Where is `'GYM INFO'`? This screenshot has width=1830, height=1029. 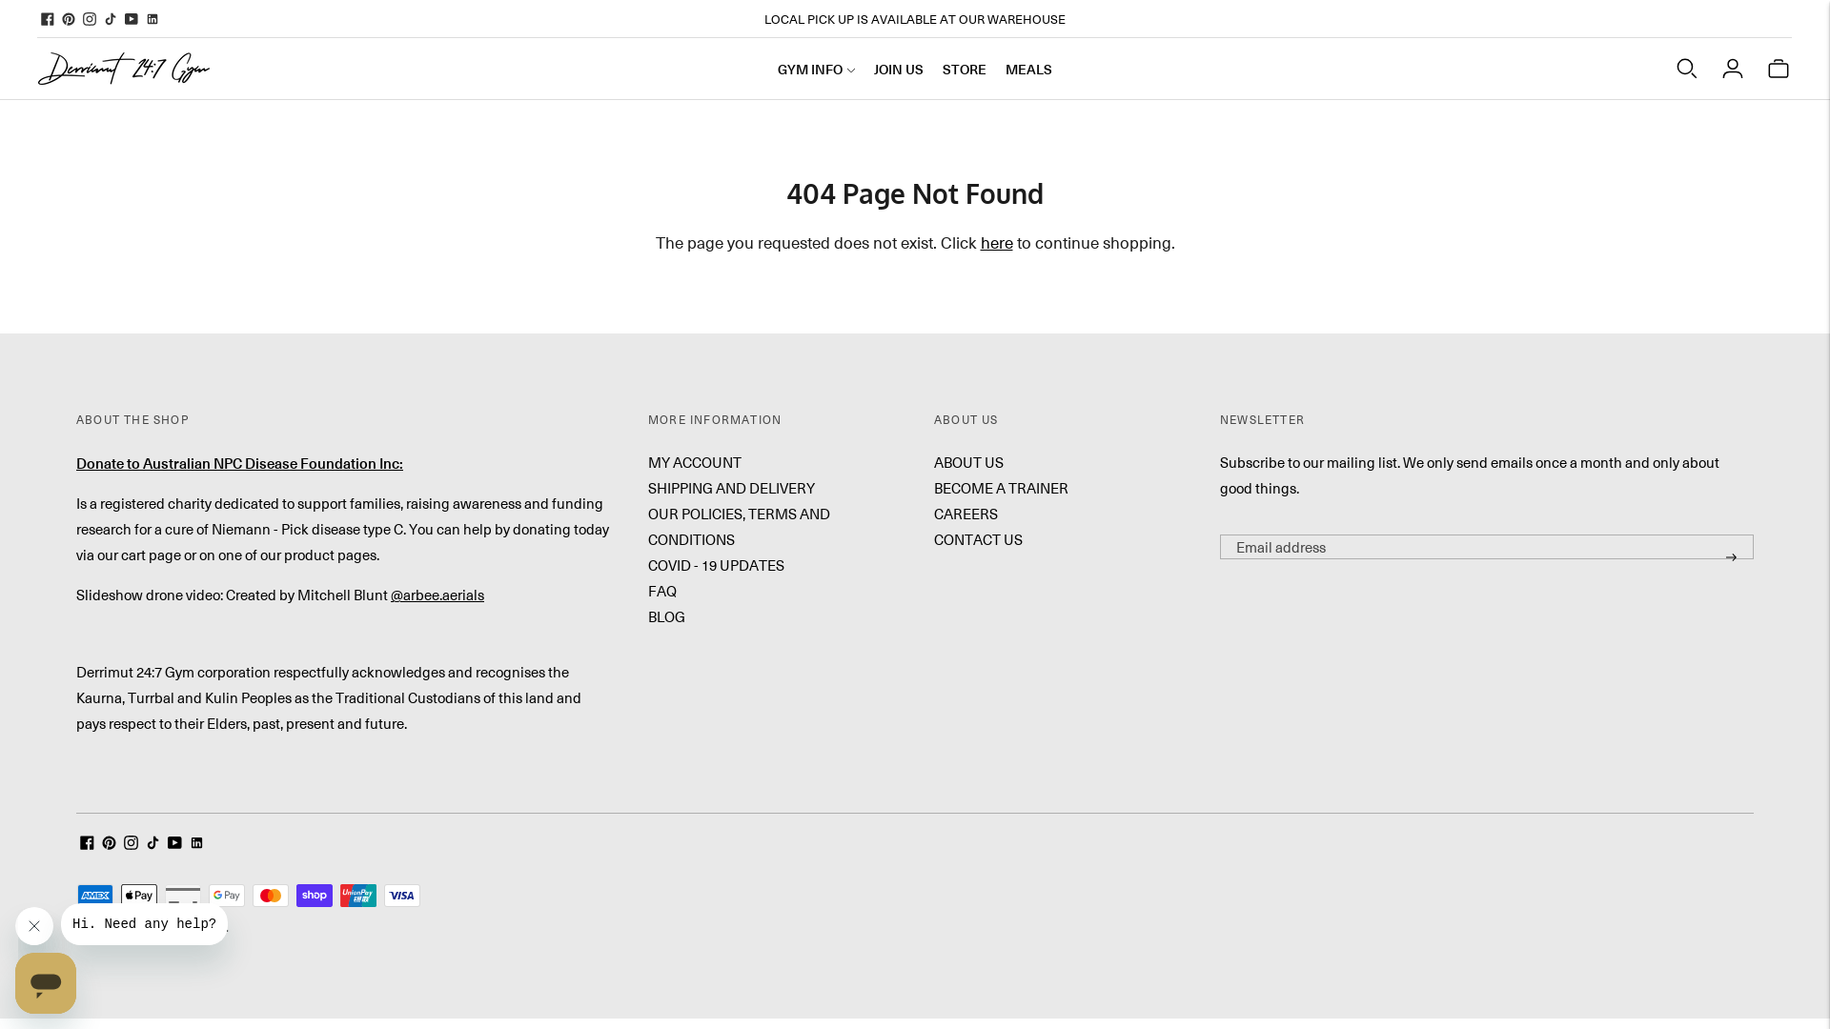 'GYM INFO' is located at coordinates (778, 68).